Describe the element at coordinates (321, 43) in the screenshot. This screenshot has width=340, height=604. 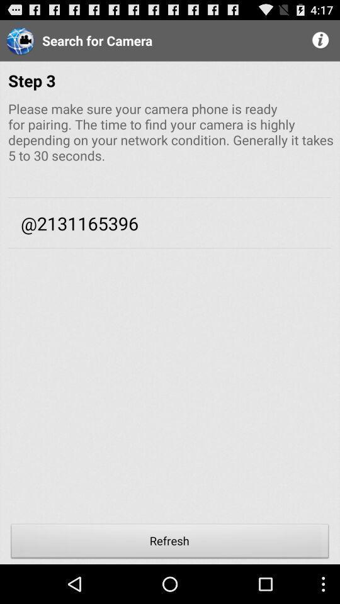
I see `the info icon` at that location.